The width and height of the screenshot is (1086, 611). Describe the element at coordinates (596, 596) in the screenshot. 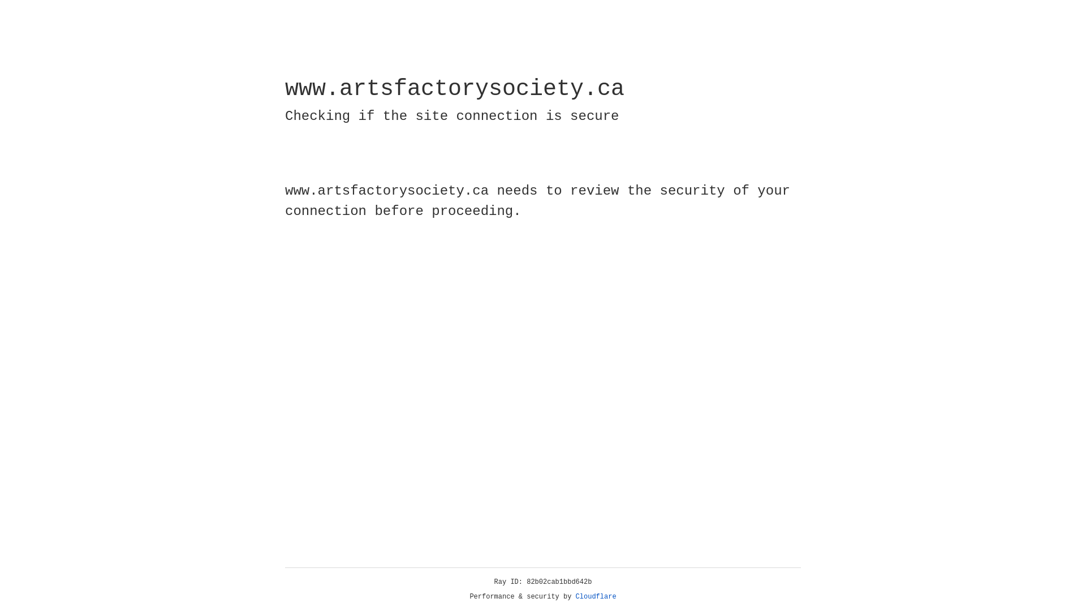

I see `'Cloudflare'` at that location.